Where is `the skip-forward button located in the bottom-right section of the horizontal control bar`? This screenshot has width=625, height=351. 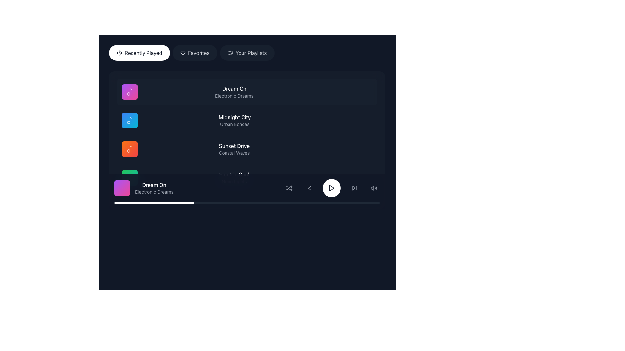
the skip-forward button located in the bottom-right section of the horizontal control bar is located at coordinates (354, 188).